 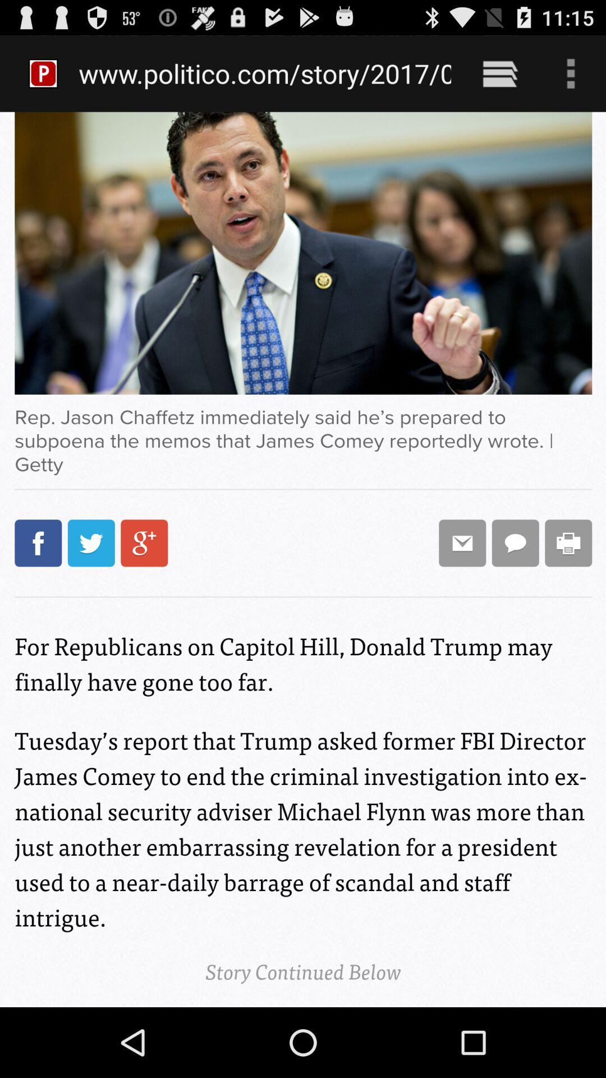 What do you see at coordinates (265, 73) in the screenshot?
I see `www politico com item` at bounding box center [265, 73].